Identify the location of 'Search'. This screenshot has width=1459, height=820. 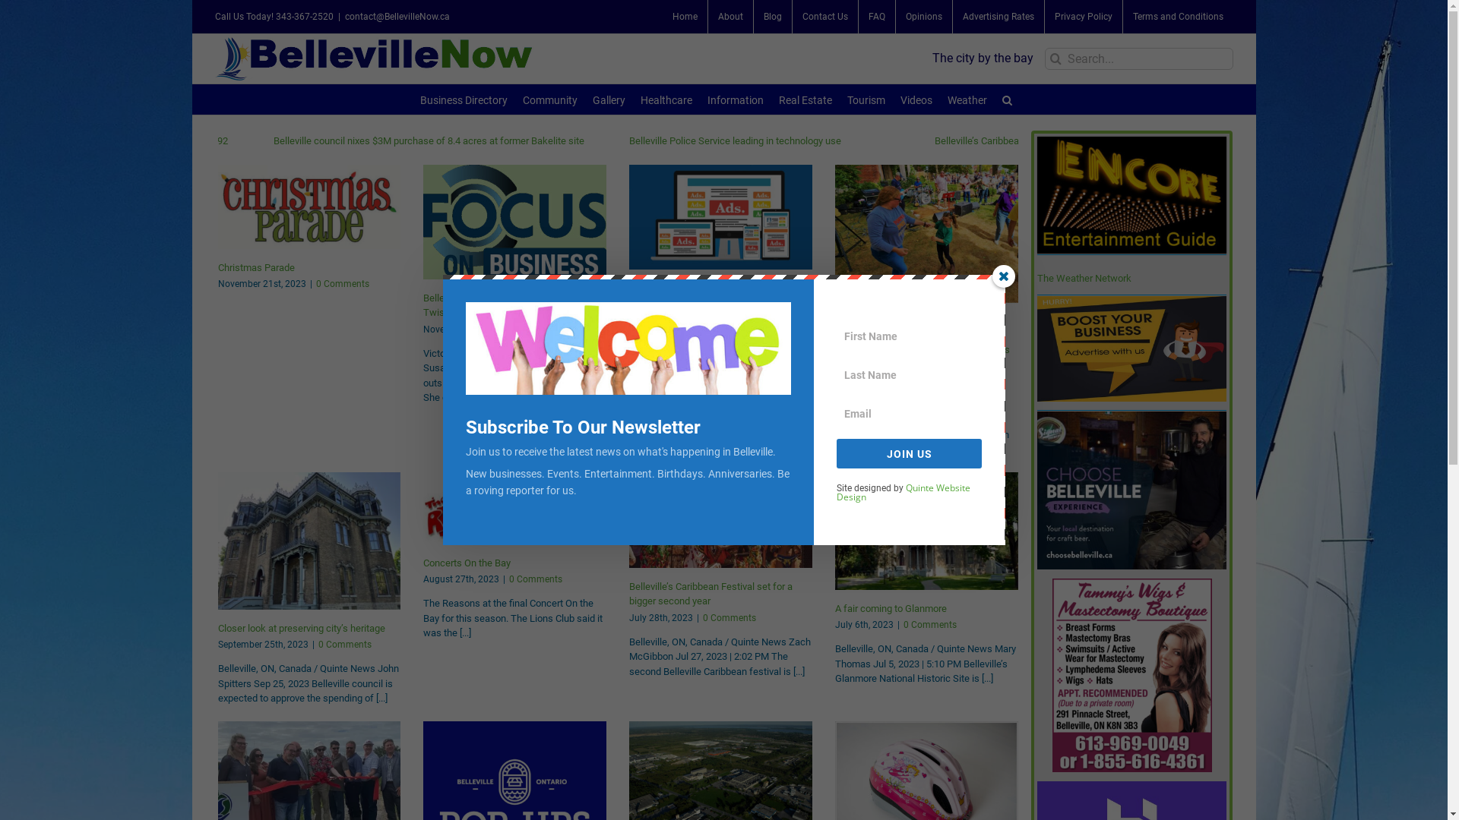
(1007, 99).